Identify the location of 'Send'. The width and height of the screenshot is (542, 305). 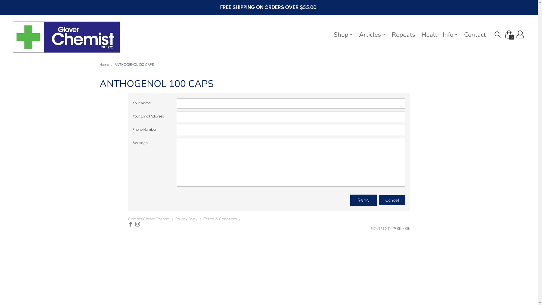
(363, 200).